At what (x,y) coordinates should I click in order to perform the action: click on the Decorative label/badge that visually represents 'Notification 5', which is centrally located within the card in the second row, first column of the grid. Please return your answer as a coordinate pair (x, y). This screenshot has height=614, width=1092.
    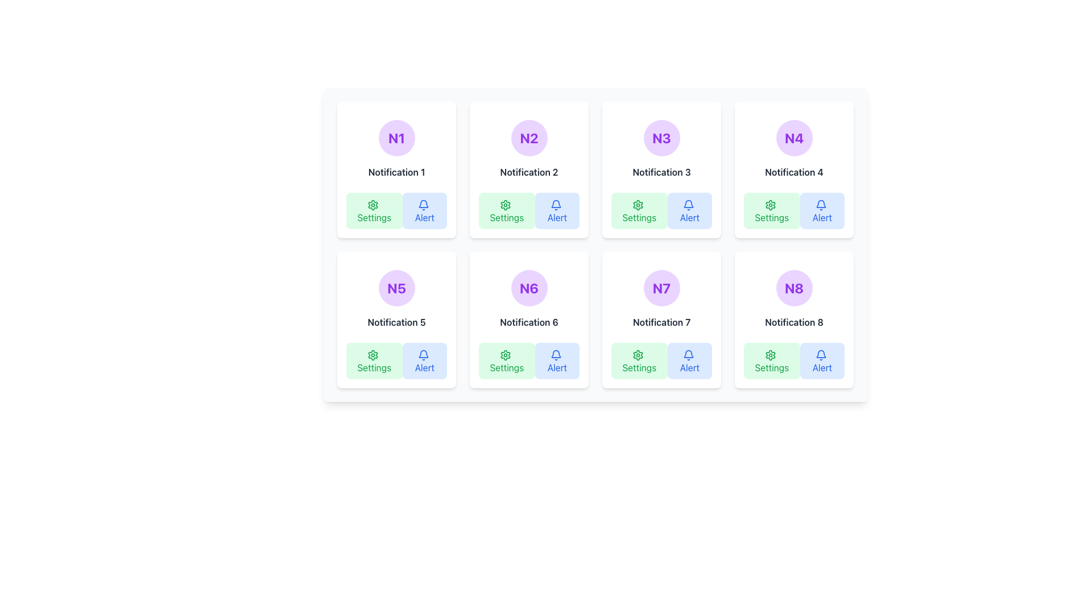
    Looking at the image, I should click on (396, 287).